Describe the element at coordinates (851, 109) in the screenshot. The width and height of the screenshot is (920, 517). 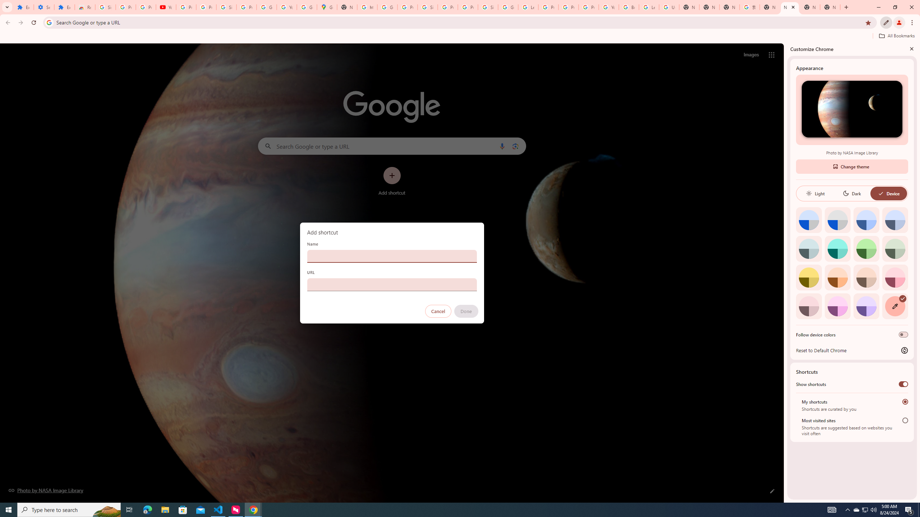
I see `'Photo by NASA Image Library'` at that location.